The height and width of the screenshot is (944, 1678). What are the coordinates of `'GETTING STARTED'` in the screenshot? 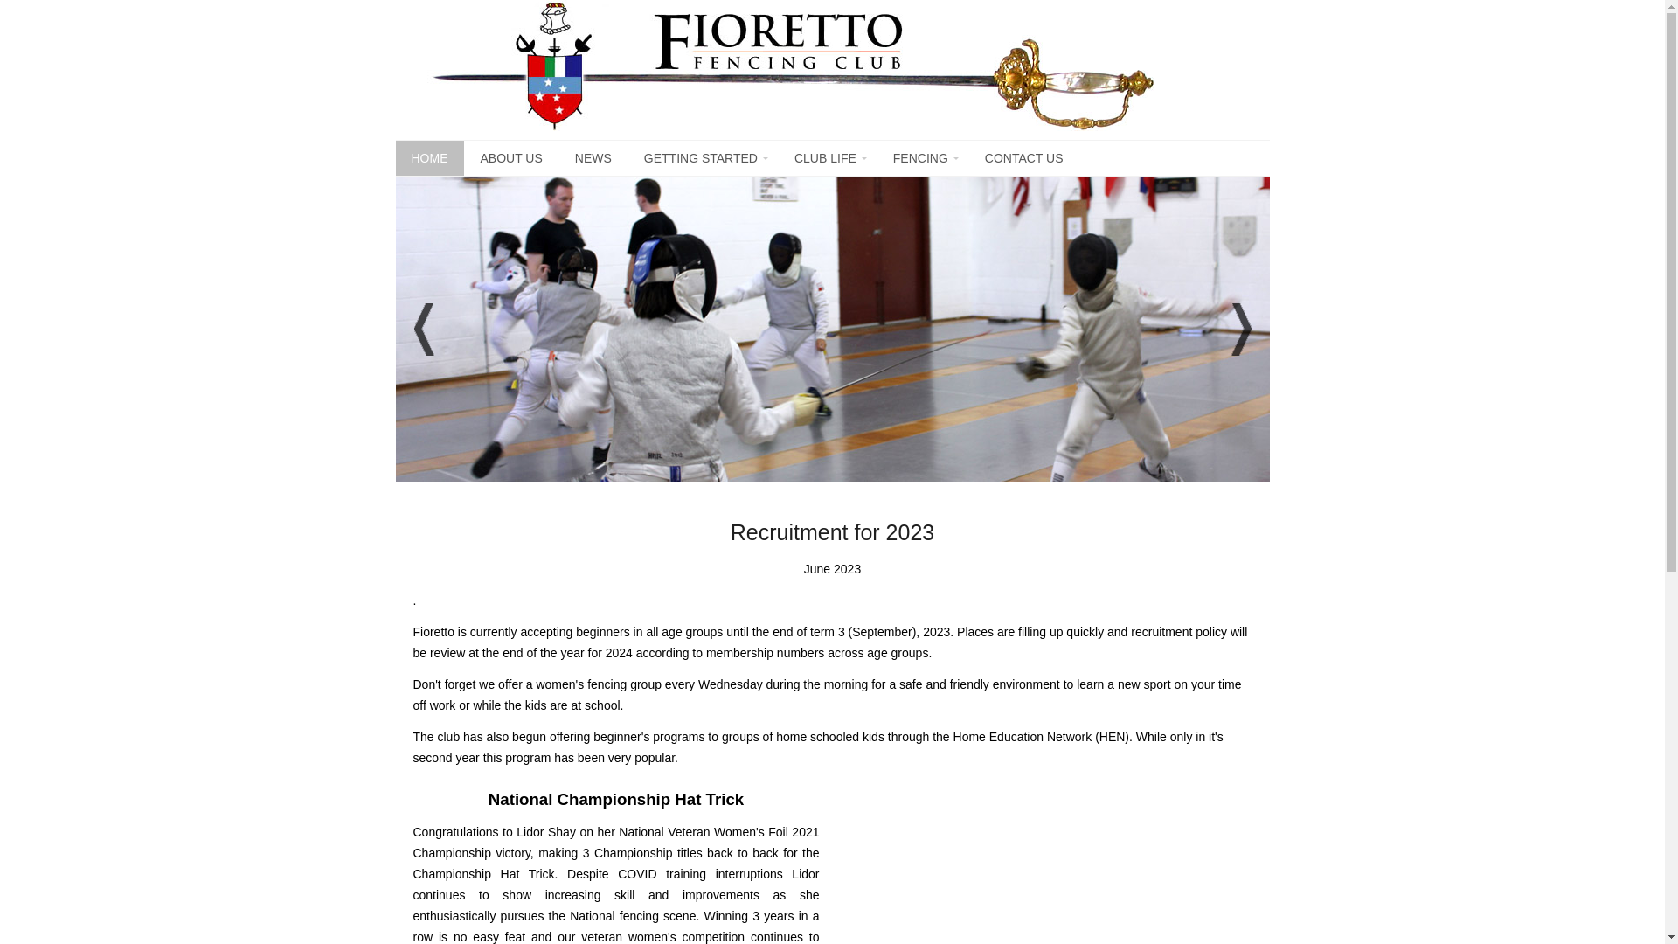 It's located at (628, 158).